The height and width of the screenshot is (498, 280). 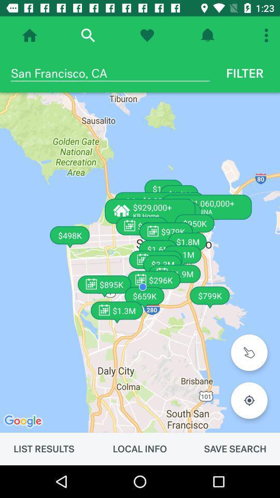 What do you see at coordinates (207, 35) in the screenshot?
I see `notifications` at bounding box center [207, 35].